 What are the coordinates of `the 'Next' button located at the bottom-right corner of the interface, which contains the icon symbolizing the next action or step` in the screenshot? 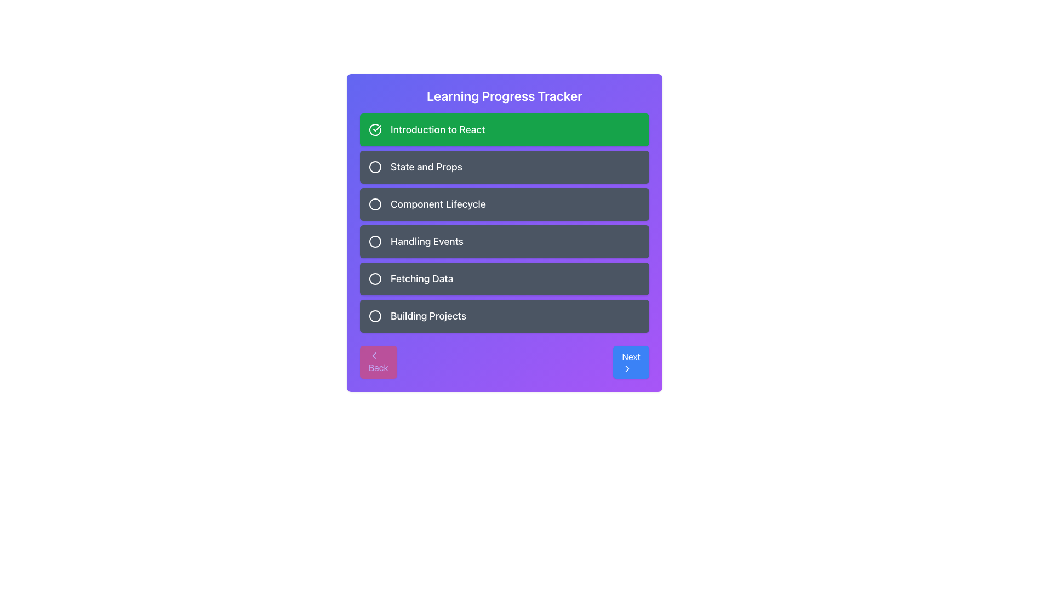 It's located at (627, 368).